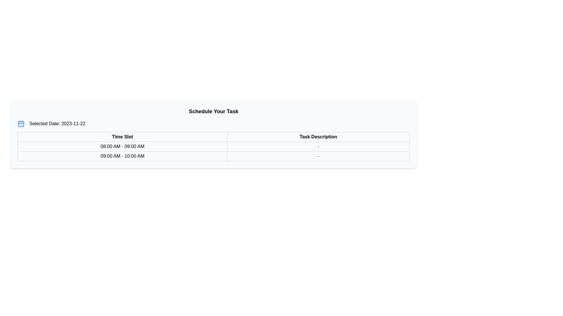  I want to click on the table cell displaying the time range '08:00 AM - 09:00 AM' located in the first row under the 'Time Slot' column, so click(213, 151).